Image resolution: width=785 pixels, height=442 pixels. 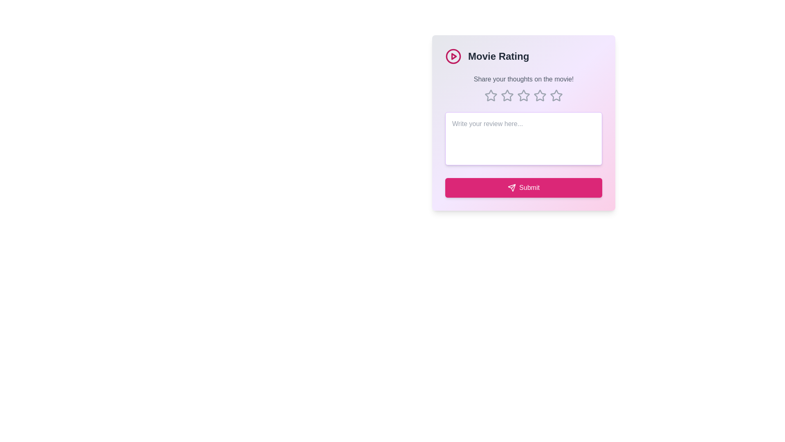 What do you see at coordinates (524, 188) in the screenshot?
I see `the submit button located at the bottom of the review card to highlight it` at bounding box center [524, 188].